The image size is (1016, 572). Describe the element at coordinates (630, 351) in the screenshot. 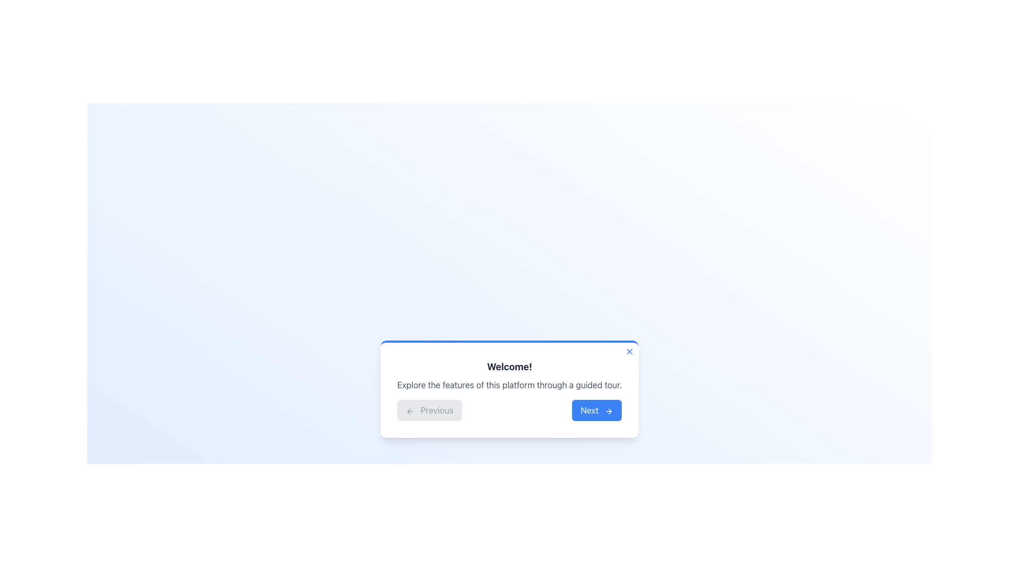

I see `the close button icon located at the top-right corner of the modal dialog box` at that location.